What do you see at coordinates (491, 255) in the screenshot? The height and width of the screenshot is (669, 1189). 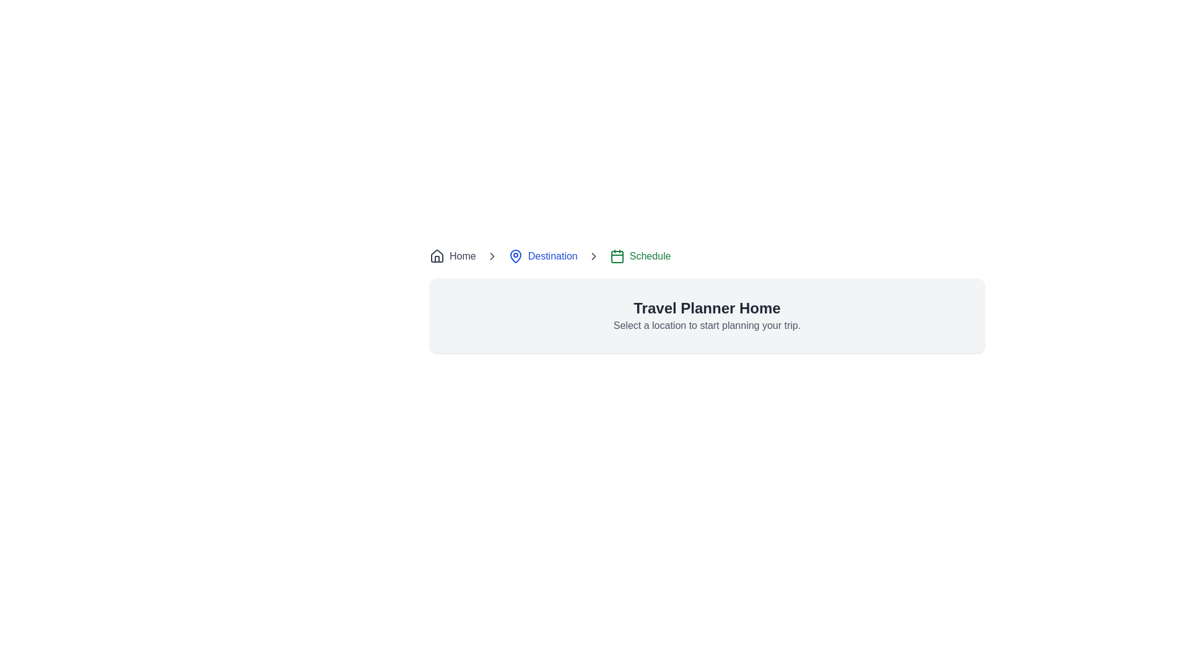 I see `the adjacent elements in the breadcrumb navigation context by interacting with the second interactive icon, which separates 'Home' and 'Destination'` at bounding box center [491, 255].